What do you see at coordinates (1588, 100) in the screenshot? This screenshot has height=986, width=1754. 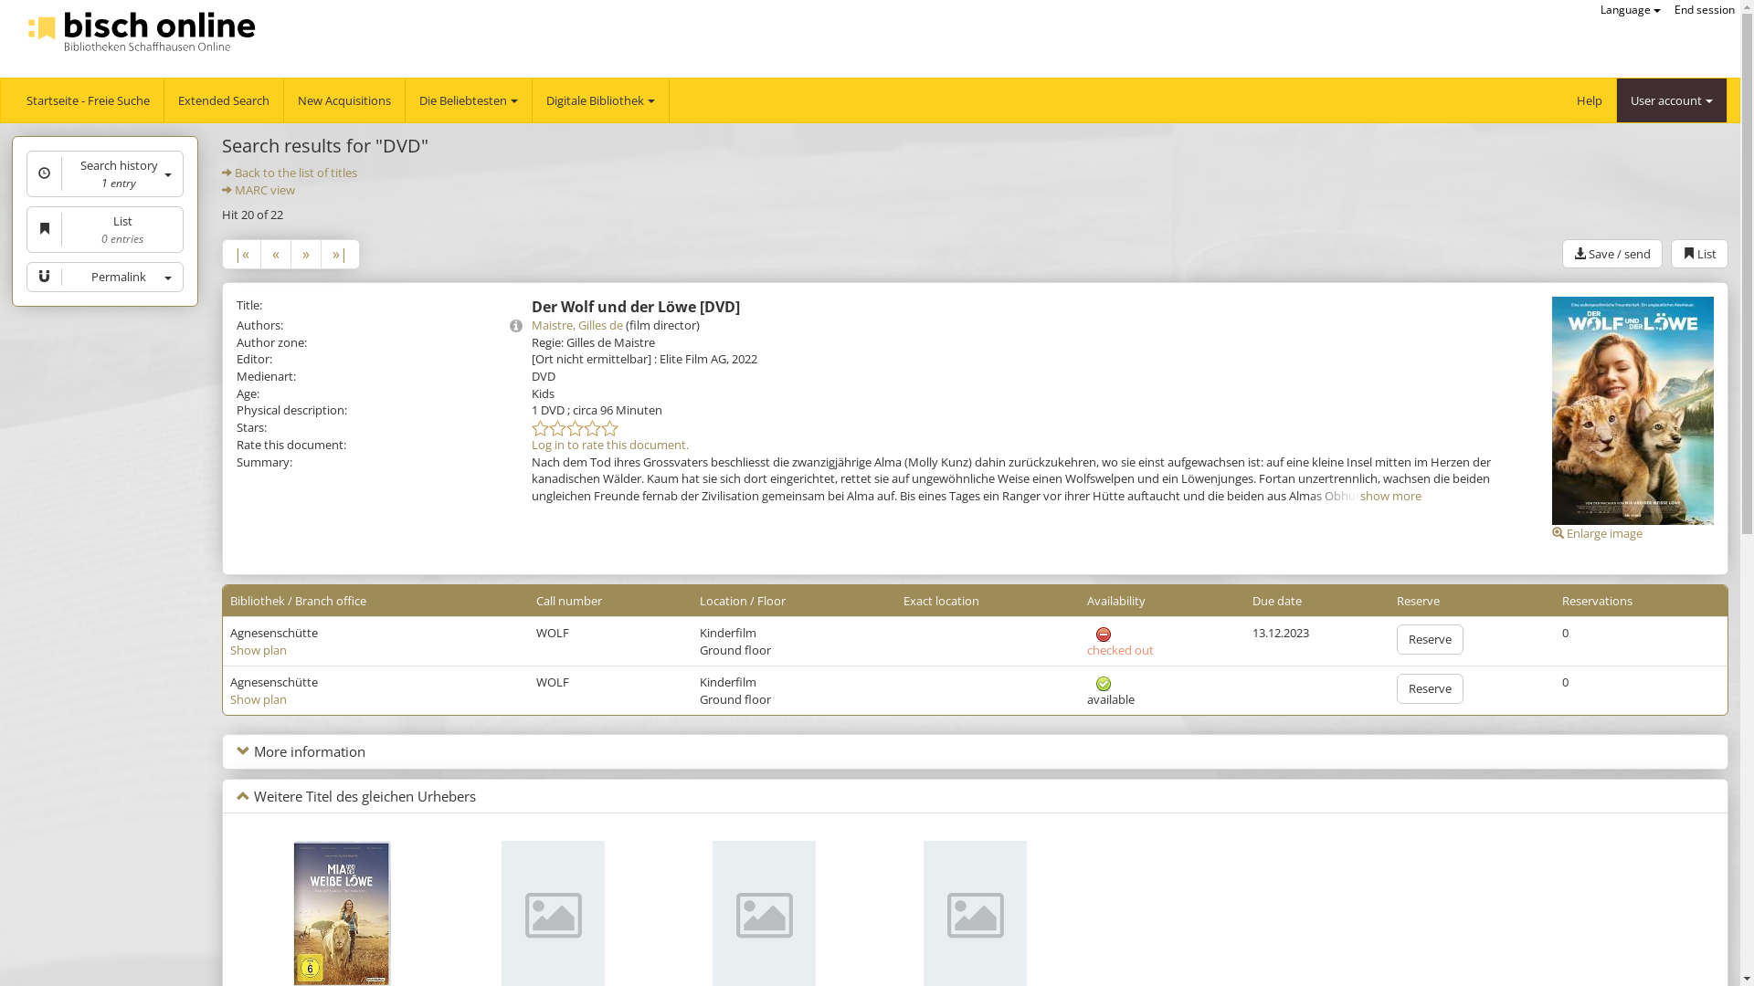 I see `'Help'` at bounding box center [1588, 100].